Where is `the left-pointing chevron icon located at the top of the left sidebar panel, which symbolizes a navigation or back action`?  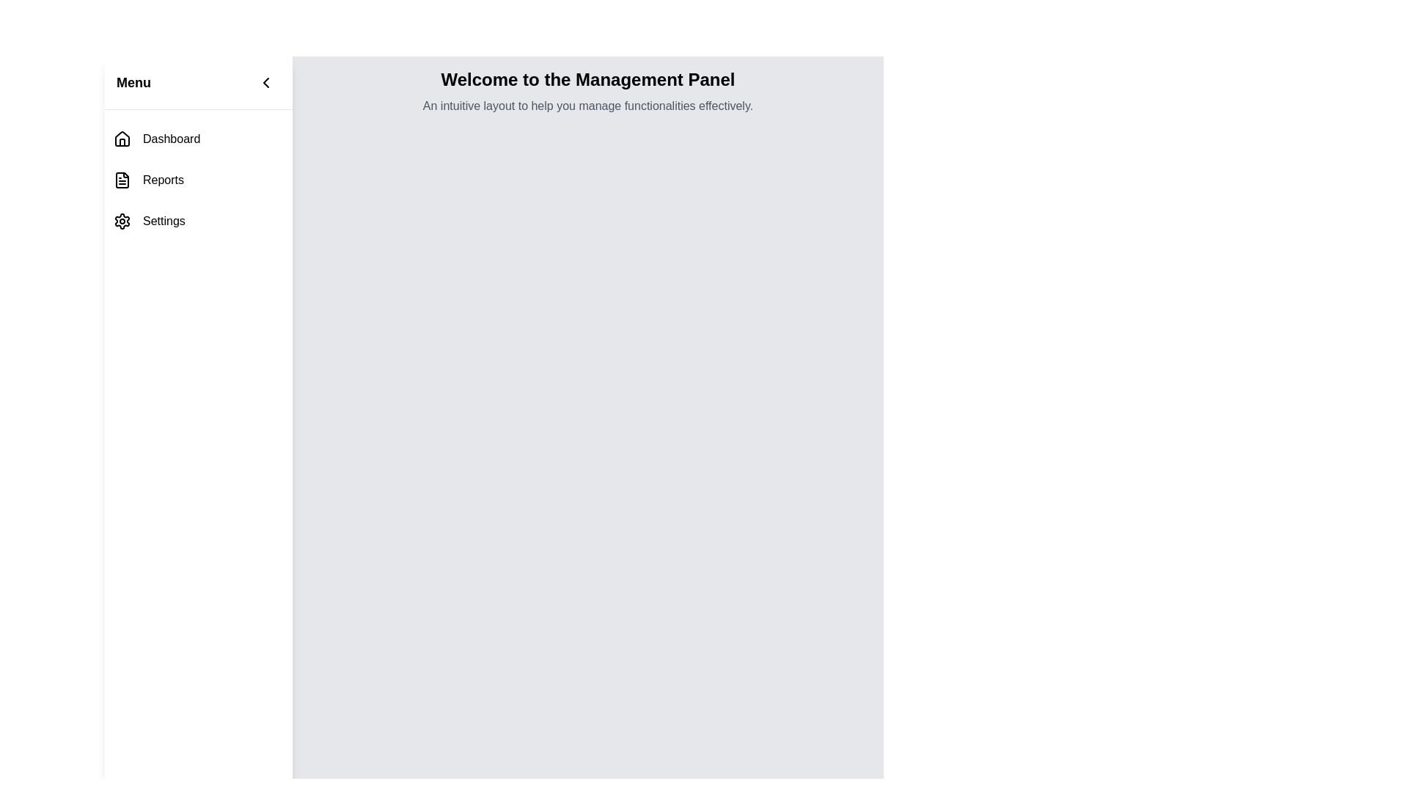
the left-pointing chevron icon located at the top of the left sidebar panel, which symbolizes a navigation or back action is located at coordinates (266, 82).